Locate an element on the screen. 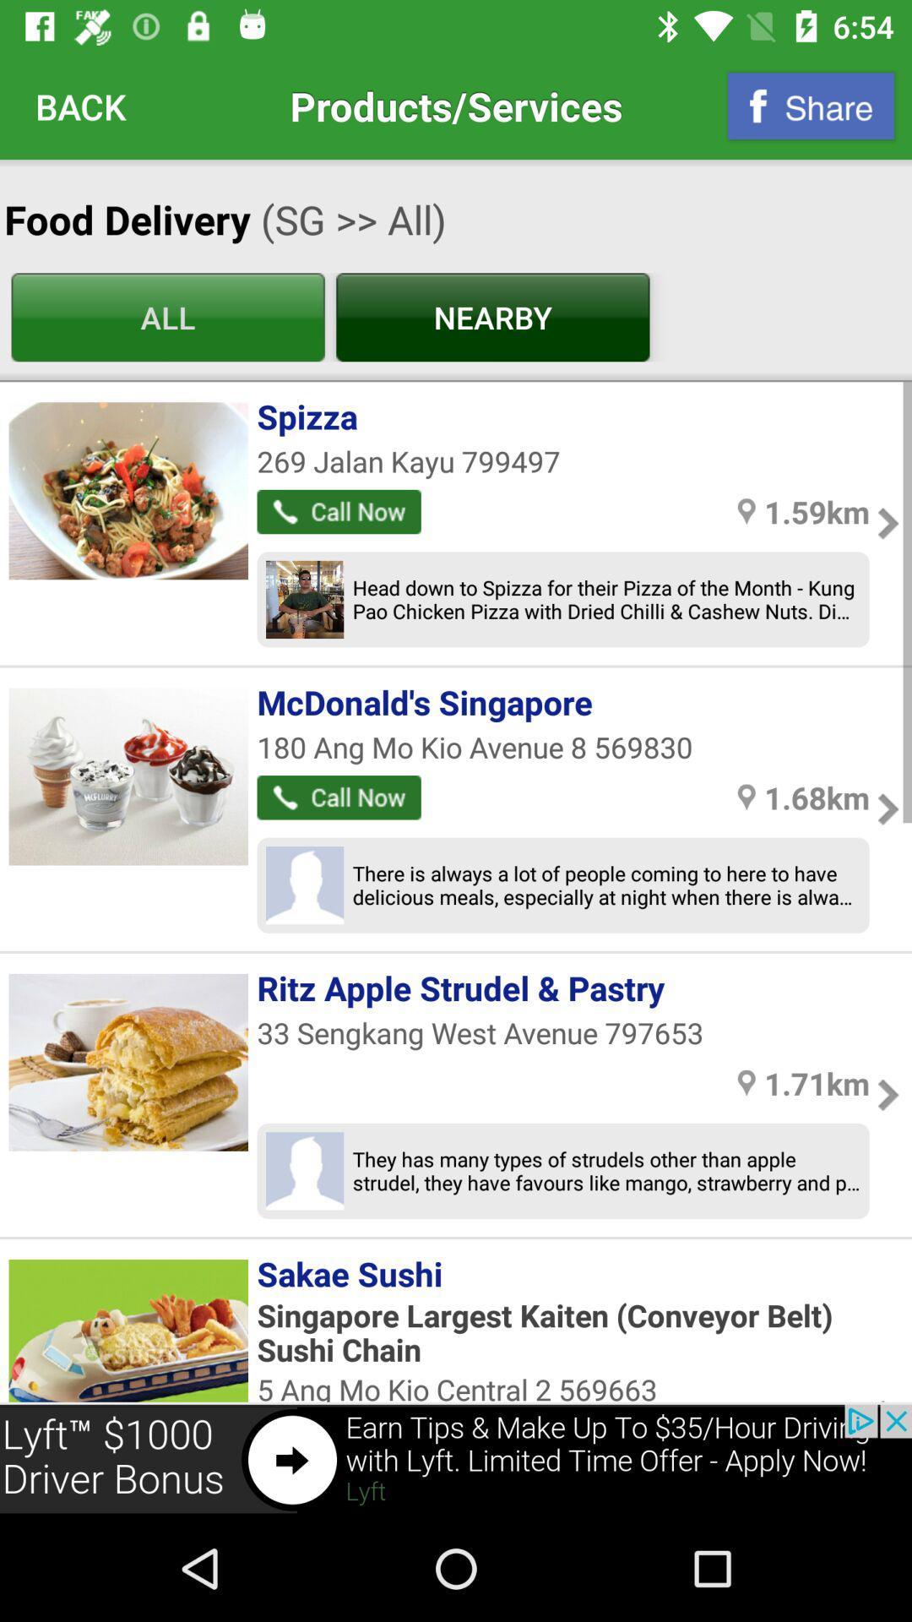  the first image of the page is located at coordinates (128, 489).